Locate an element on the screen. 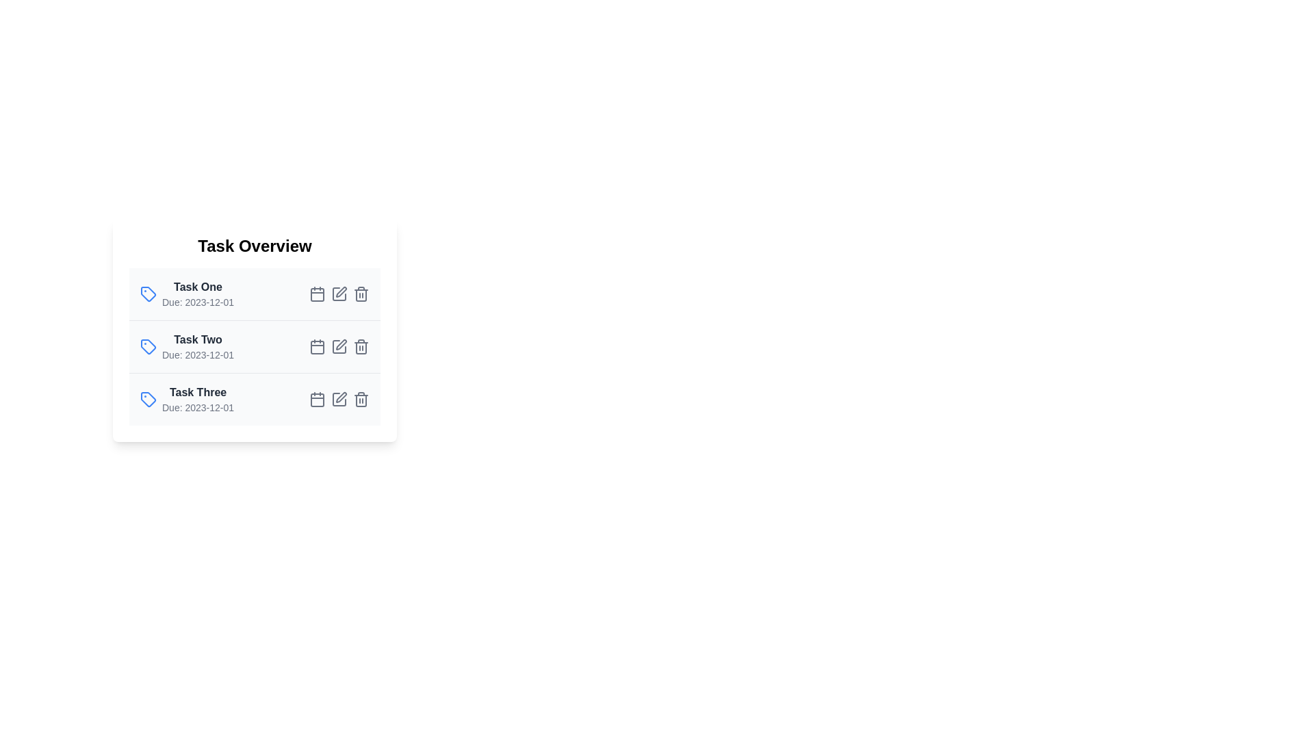 Image resolution: width=1314 pixels, height=739 pixels. the second instance of the calendar icon located in the row corresponding to 'Task Two' in the 'Task Overview' section is located at coordinates (317, 347).